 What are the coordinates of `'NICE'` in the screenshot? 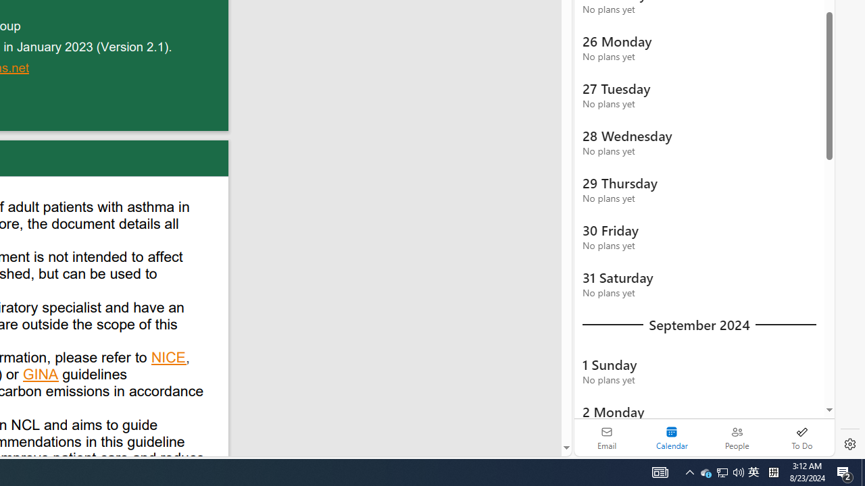 It's located at (168, 358).